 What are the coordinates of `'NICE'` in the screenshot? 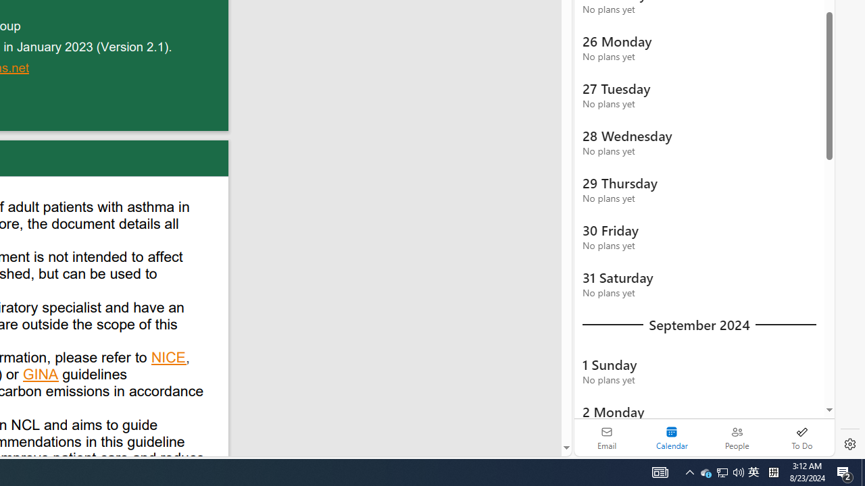 It's located at (168, 358).